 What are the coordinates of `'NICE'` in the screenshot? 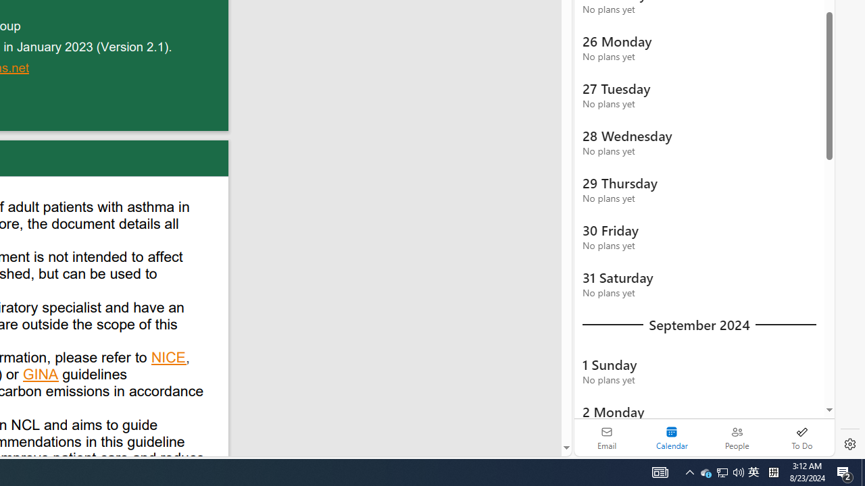 It's located at (168, 358).